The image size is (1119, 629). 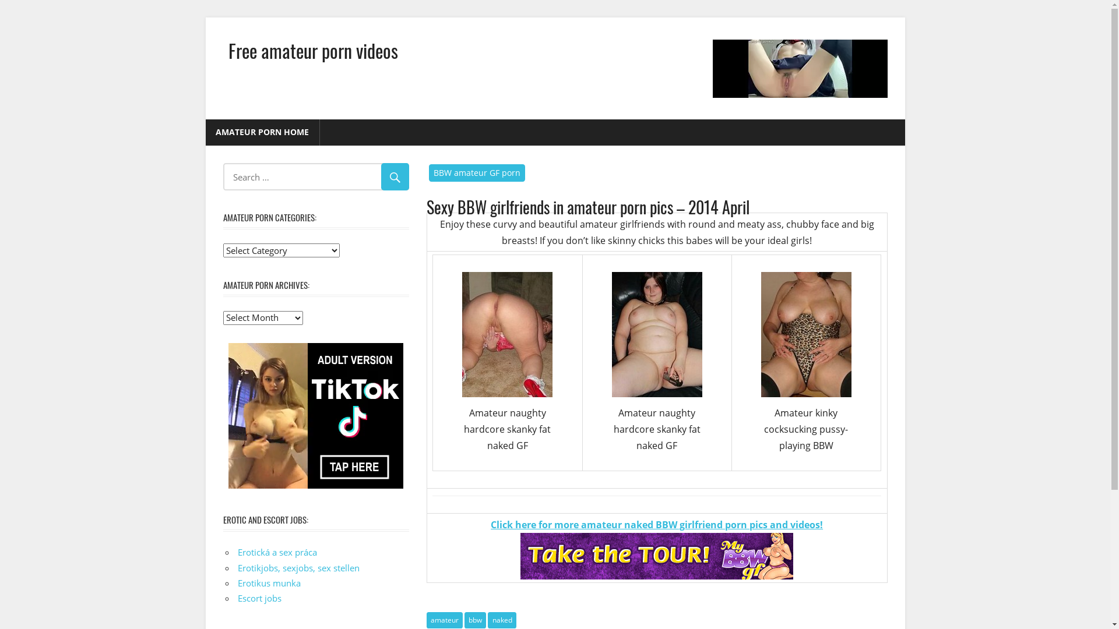 I want to click on 'Erotikus munka', so click(x=268, y=583).